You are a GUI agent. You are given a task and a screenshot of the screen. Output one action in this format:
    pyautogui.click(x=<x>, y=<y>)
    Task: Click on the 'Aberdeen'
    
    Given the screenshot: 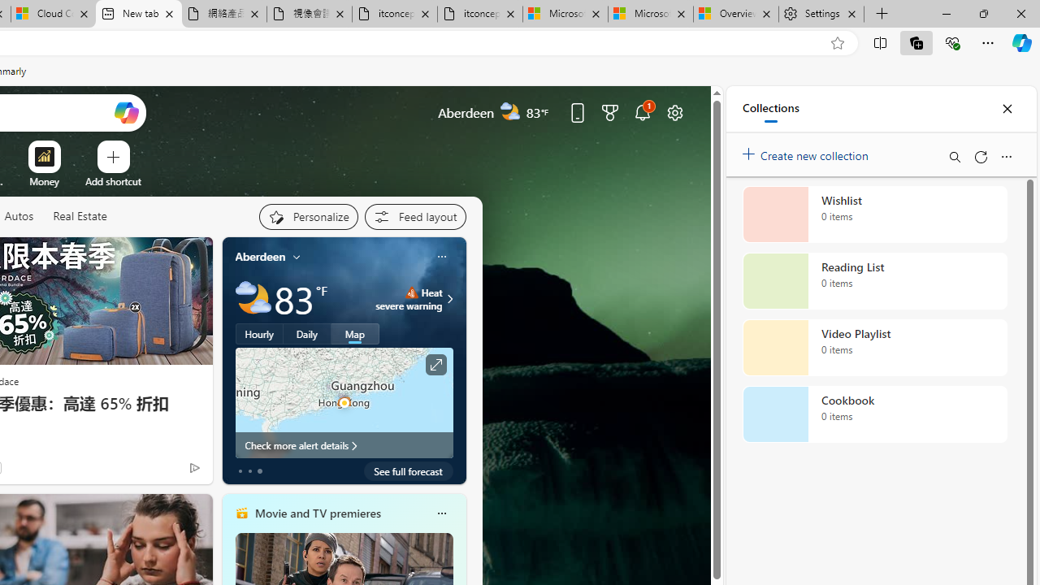 What is the action you would take?
    pyautogui.click(x=260, y=256)
    